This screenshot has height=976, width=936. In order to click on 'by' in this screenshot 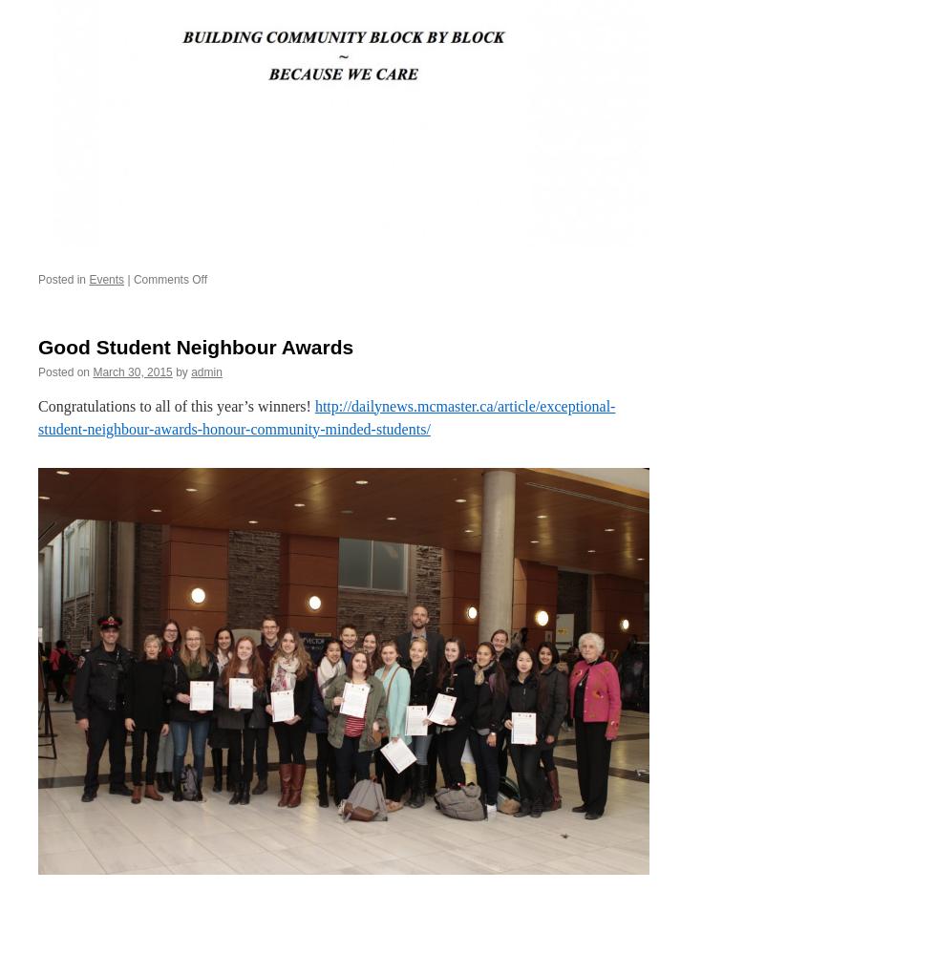, I will do `click(181, 370)`.